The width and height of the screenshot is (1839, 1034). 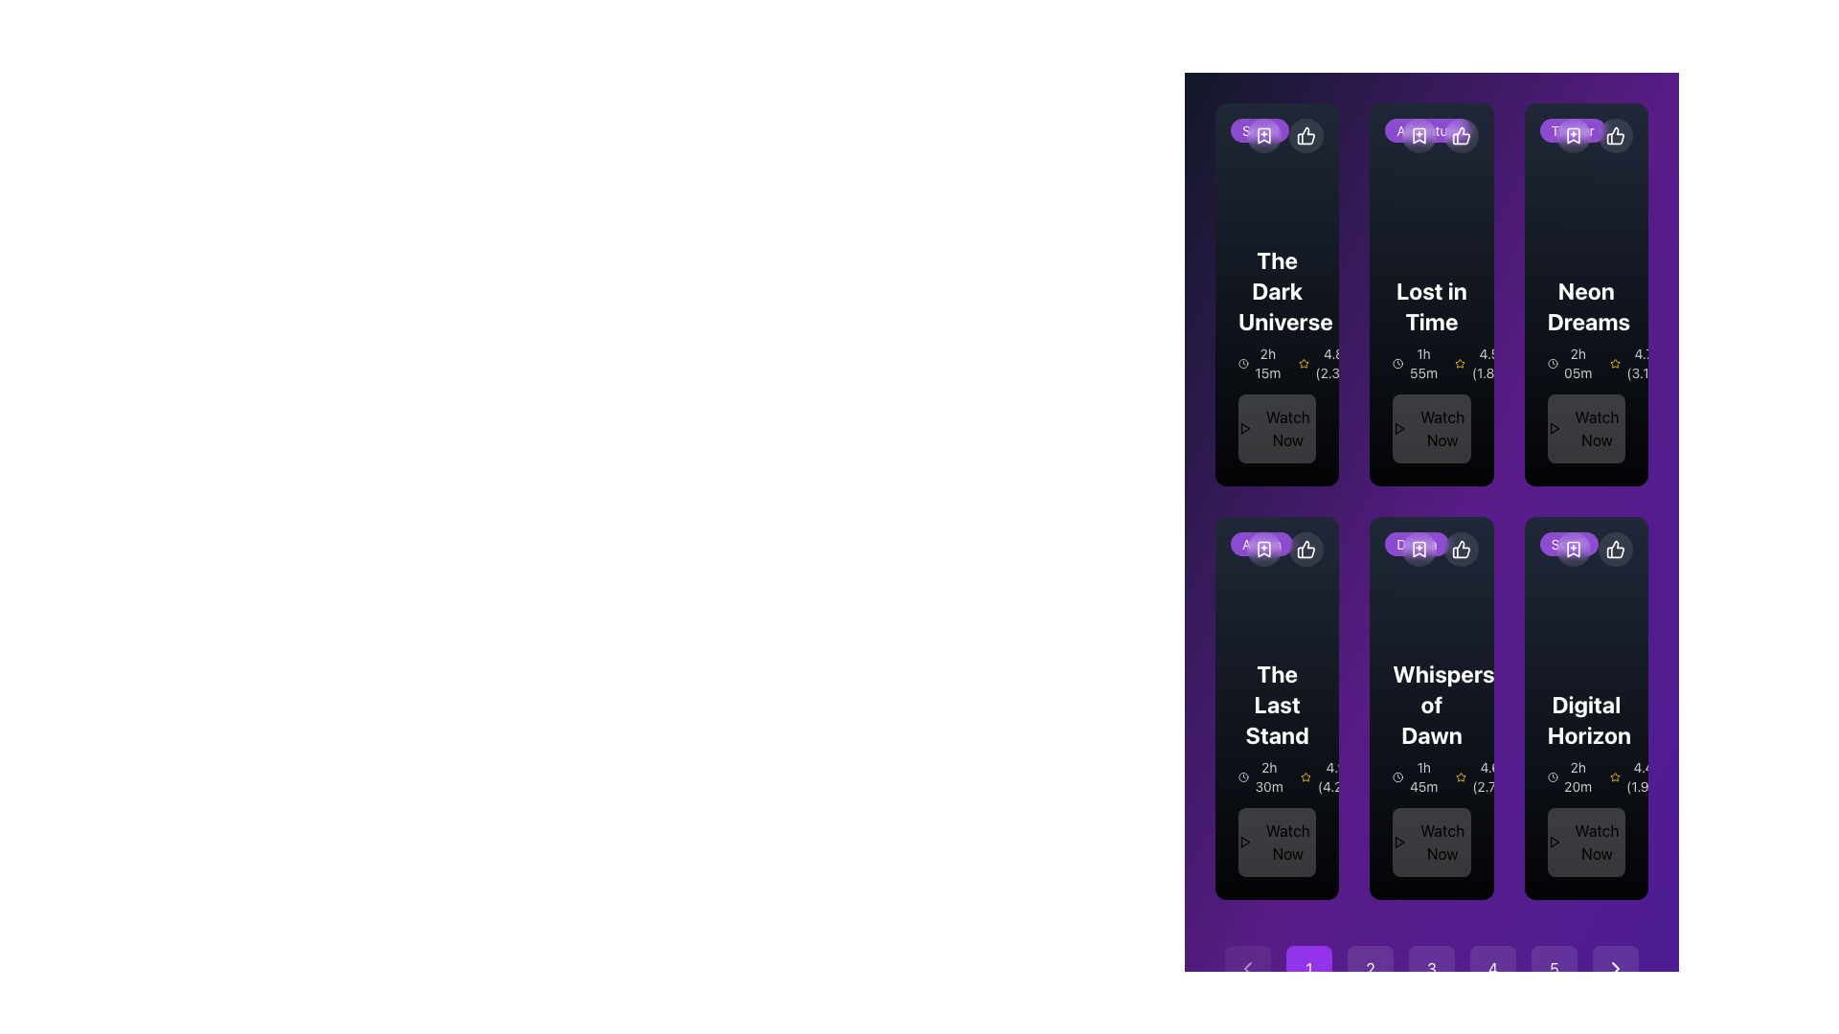 What do you see at coordinates (1285, 550) in the screenshot?
I see `the circular bookmark button with an icon located at the top-right corner of the card labeled 'The Last Stand'` at bounding box center [1285, 550].